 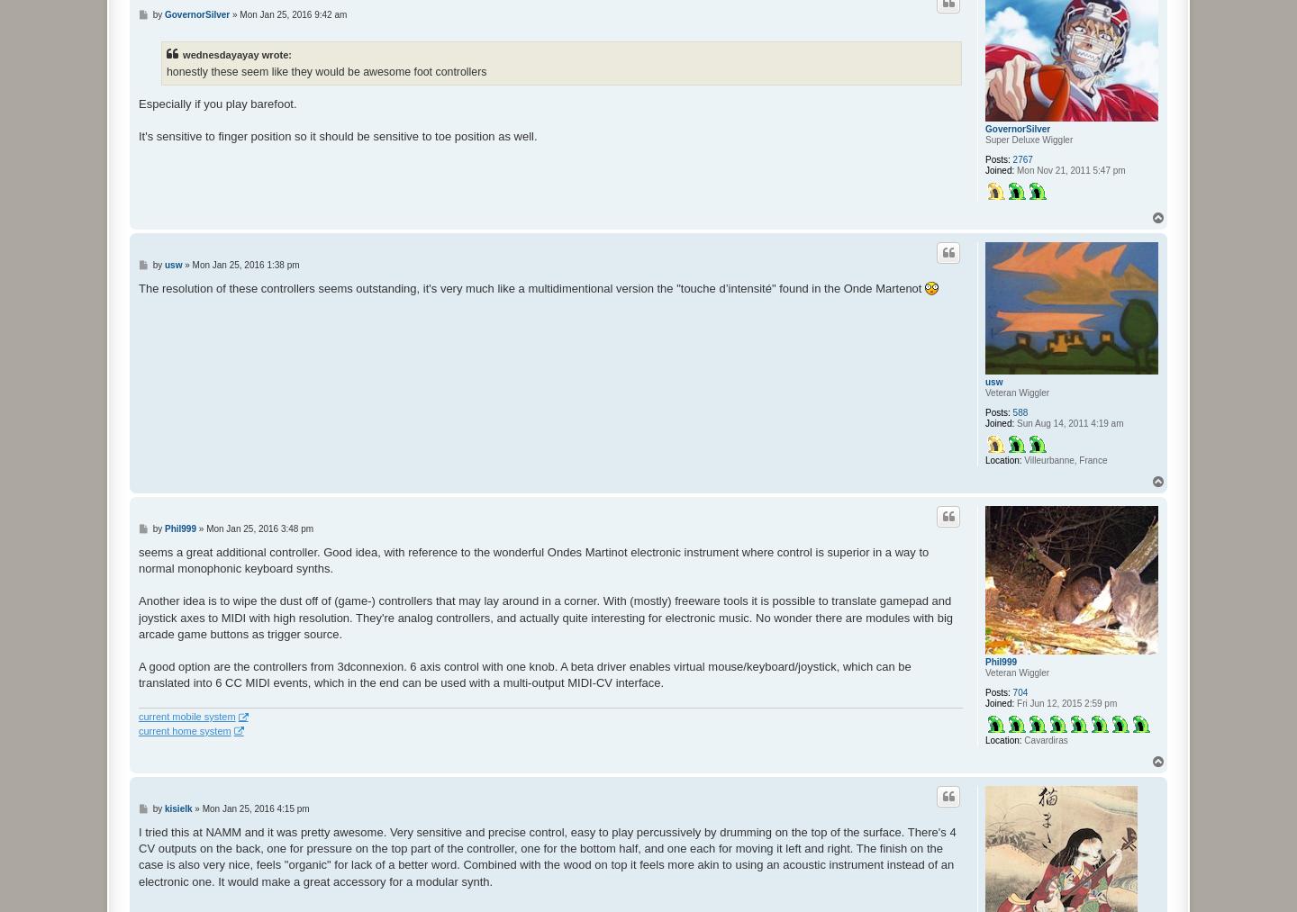 What do you see at coordinates (1064, 459) in the screenshot?
I see `'Villeurbanne, France'` at bounding box center [1064, 459].